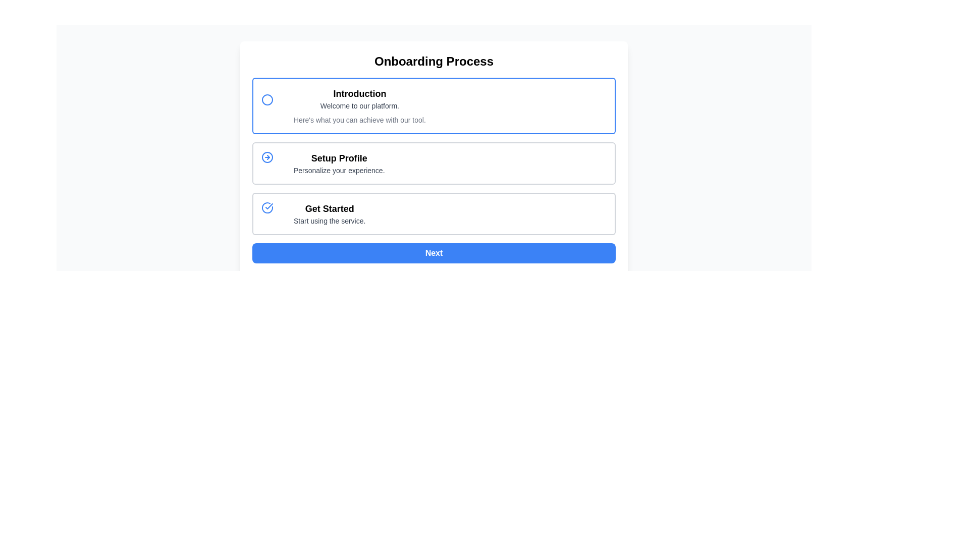 The height and width of the screenshot is (545, 969). What do you see at coordinates (434, 62) in the screenshot?
I see `the header text element displaying 'Onboarding Process', which is in a large, bold font at the top of the content card` at bounding box center [434, 62].